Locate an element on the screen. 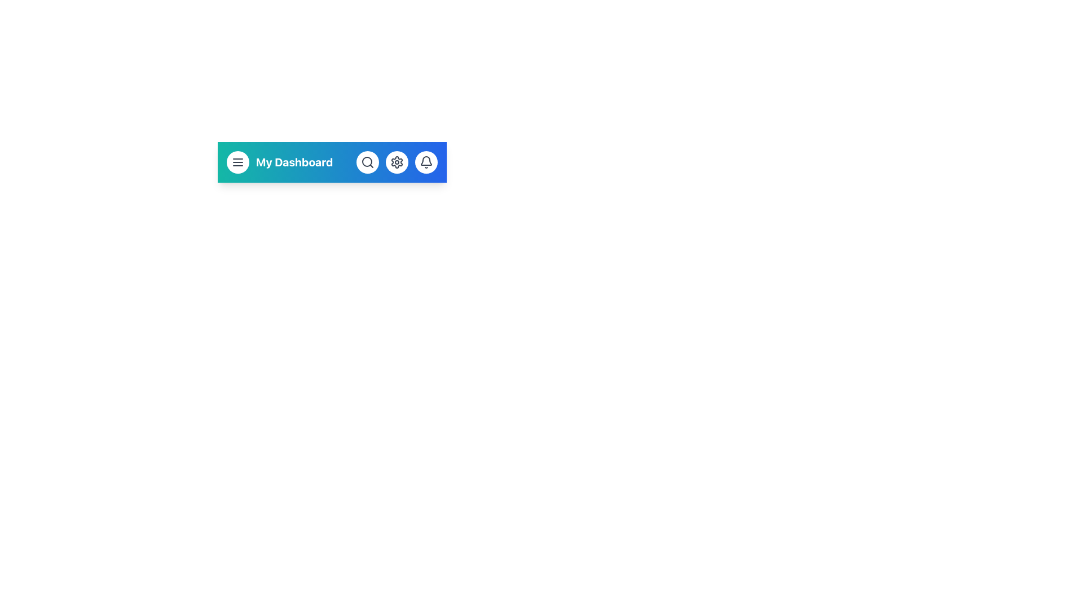  the menu icon, which consists of three horizontal lines stacked vertically, located on the far left of the navigation bar is located at coordinates (237, 162).